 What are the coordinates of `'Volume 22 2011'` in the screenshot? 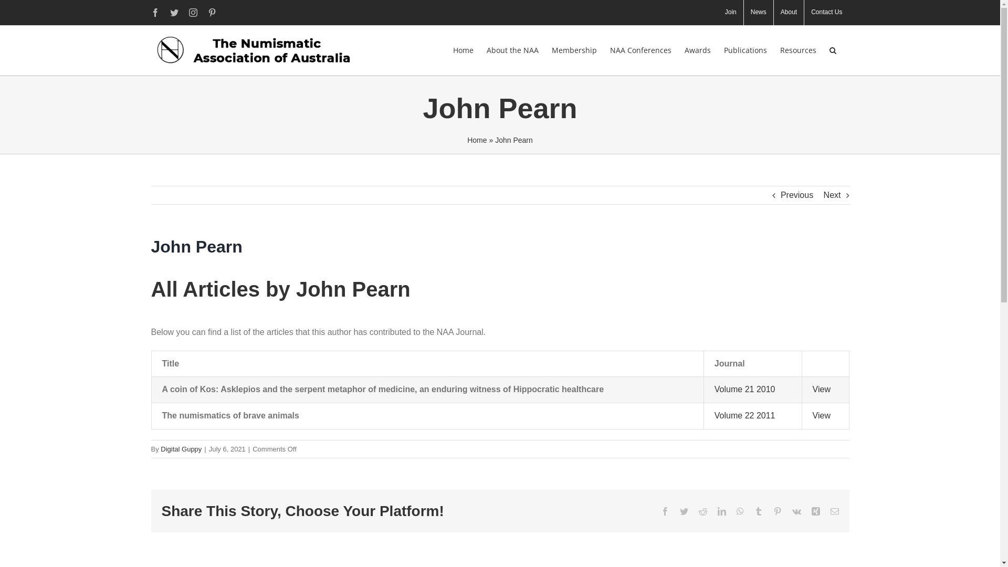 It's located at (714, 415).